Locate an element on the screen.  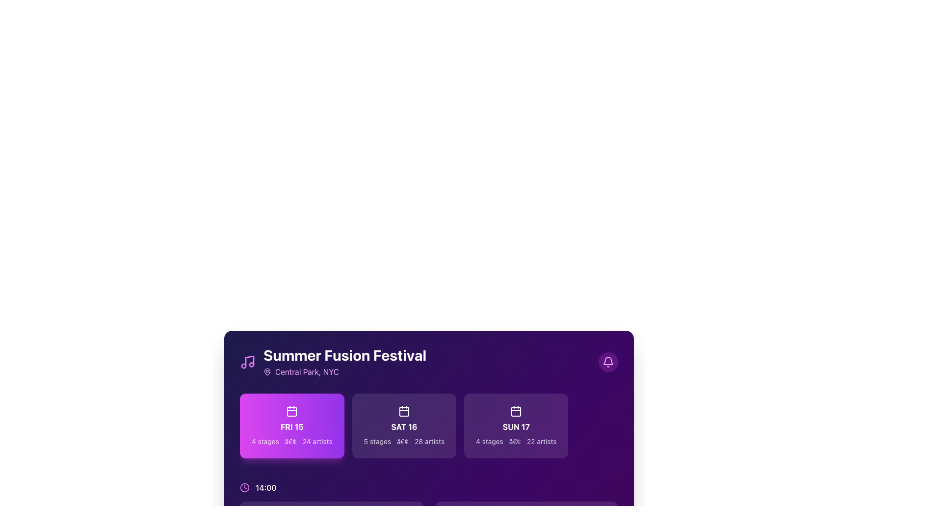
static text displaying '5 stages • 28 artists' which is styled in white with medium transparency, located below the main date text 'SAT 16' within the card for 'SAT 16' is located at coordinates (404, 441).